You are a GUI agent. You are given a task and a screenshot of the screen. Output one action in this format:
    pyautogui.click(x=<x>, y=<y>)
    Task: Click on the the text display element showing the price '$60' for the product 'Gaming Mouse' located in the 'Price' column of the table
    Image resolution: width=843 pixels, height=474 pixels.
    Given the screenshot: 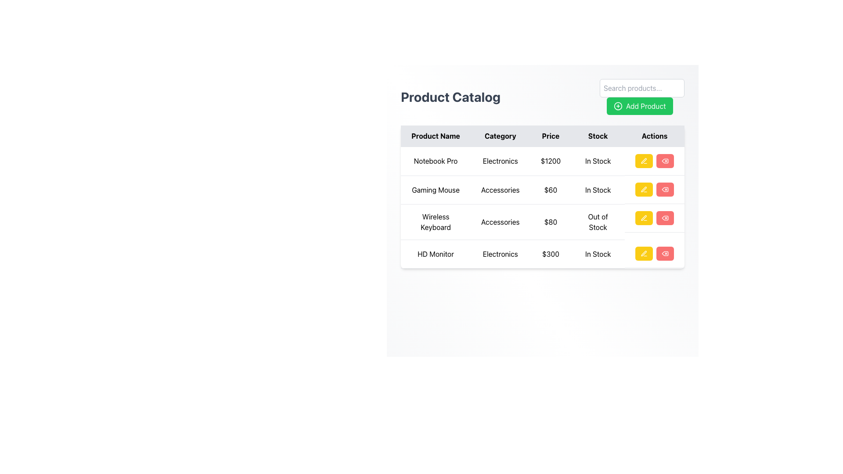 What is the action you would take?
    pyautogui.click(x=550, y=189)
    